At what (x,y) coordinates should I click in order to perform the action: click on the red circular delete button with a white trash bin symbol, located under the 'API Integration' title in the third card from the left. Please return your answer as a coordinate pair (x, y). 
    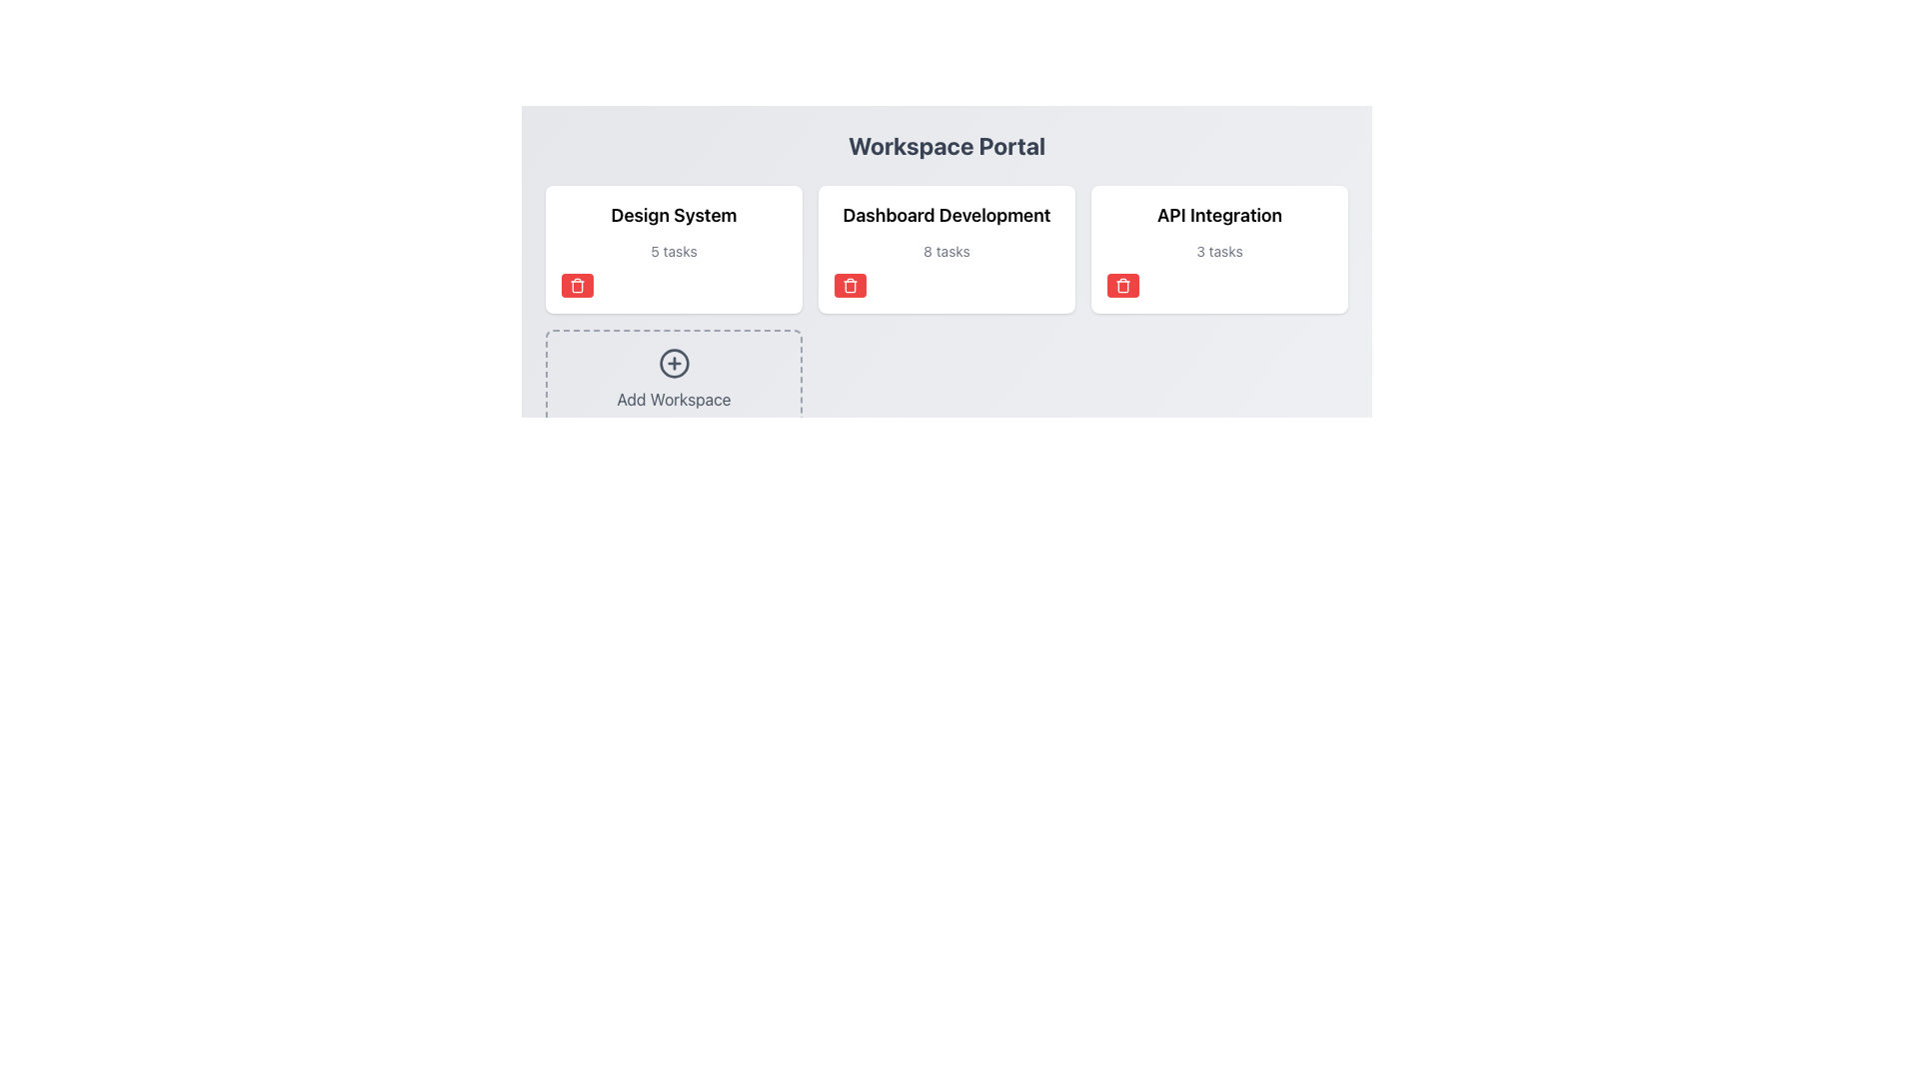
    Looking at the image, I should click on (1122, 285).